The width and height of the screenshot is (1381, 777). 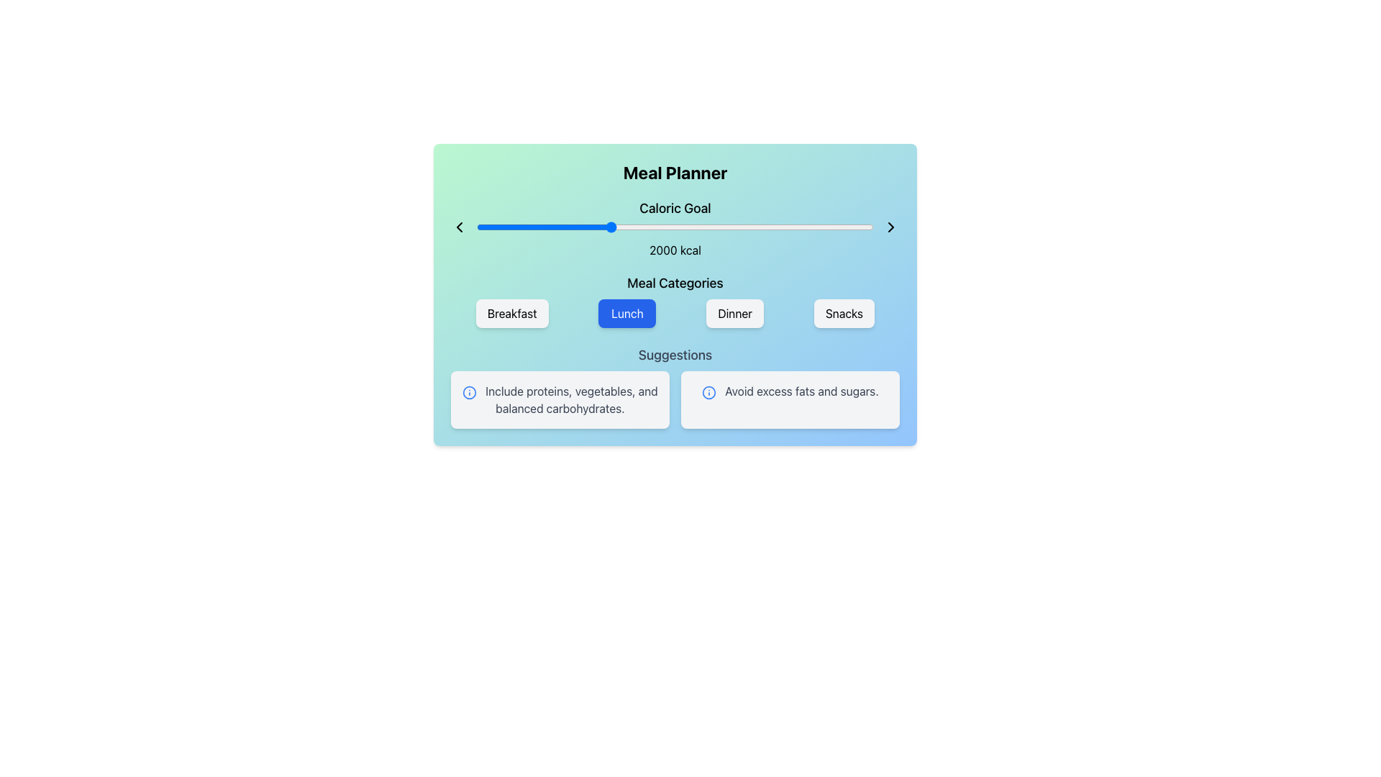 I want to click on the caloric goal, so click(x=639, y=227).